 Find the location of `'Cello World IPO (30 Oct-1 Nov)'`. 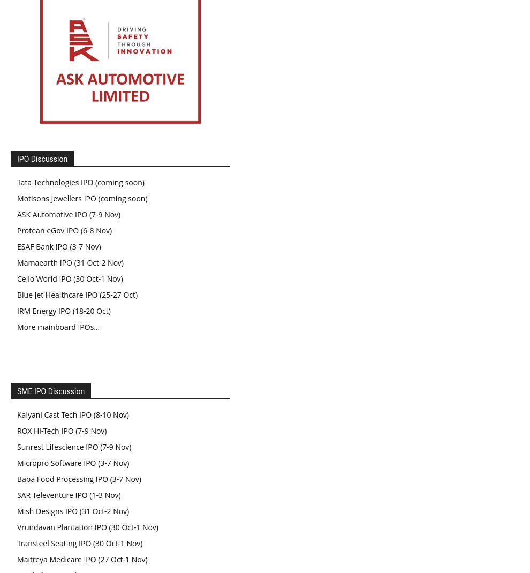

'Cello World IPO (30 Oct-1 Nov)' is located at coordinates (69, 278).